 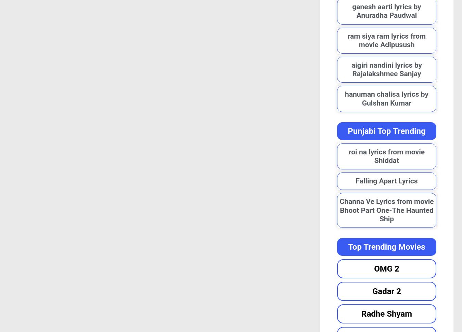 What do you see at coordinates (348, 246) in the screenshot?
I see `'Top Trending Movies'` at bounding box center [348, 246].